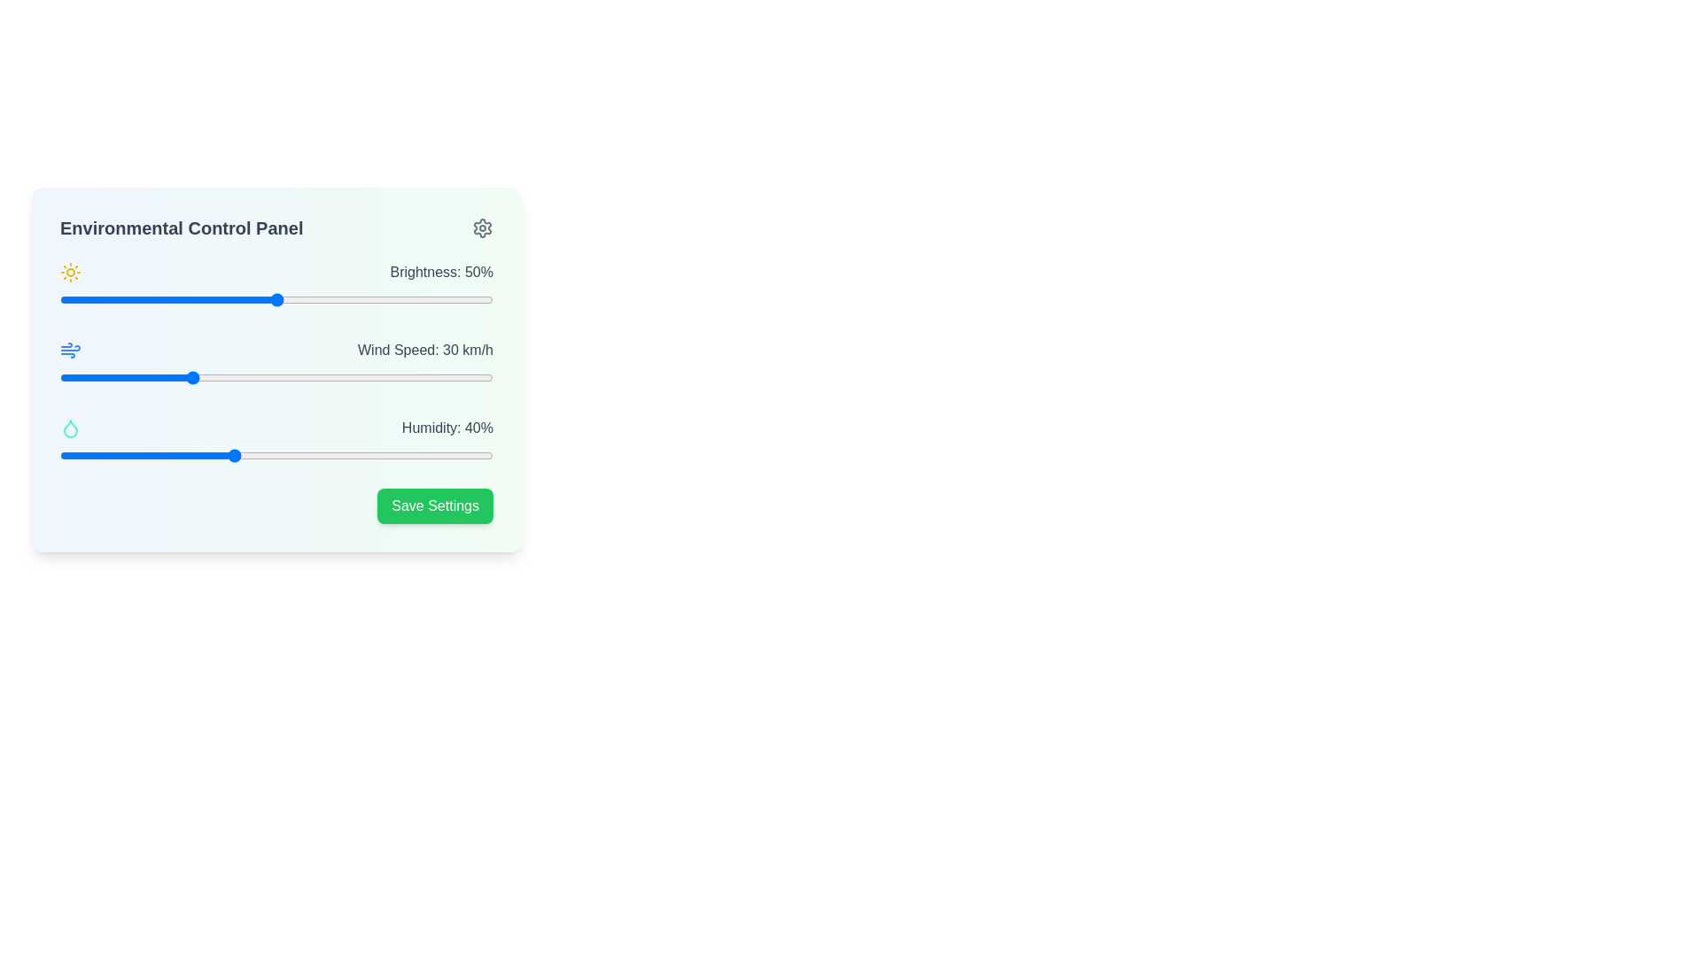 The image size is (1701, 956). What do you see at coordinates (276, 286) in the screenshot?
I see `the label displaying 'Brightness: 50%' which is styled in gray and positioned above the brightness adjustment slider in the environmental control panel` at bounding box center [276, 286].